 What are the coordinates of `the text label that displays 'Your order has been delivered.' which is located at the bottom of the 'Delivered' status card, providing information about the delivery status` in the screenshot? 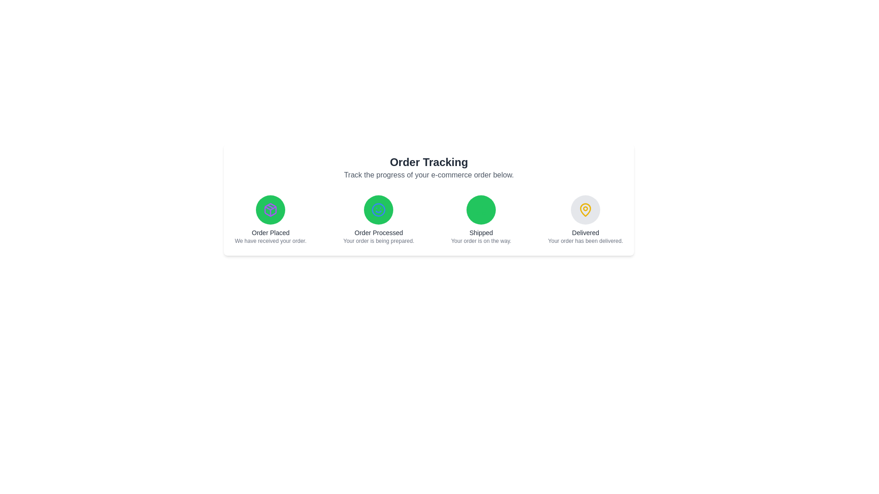 It's located at (585, 241).